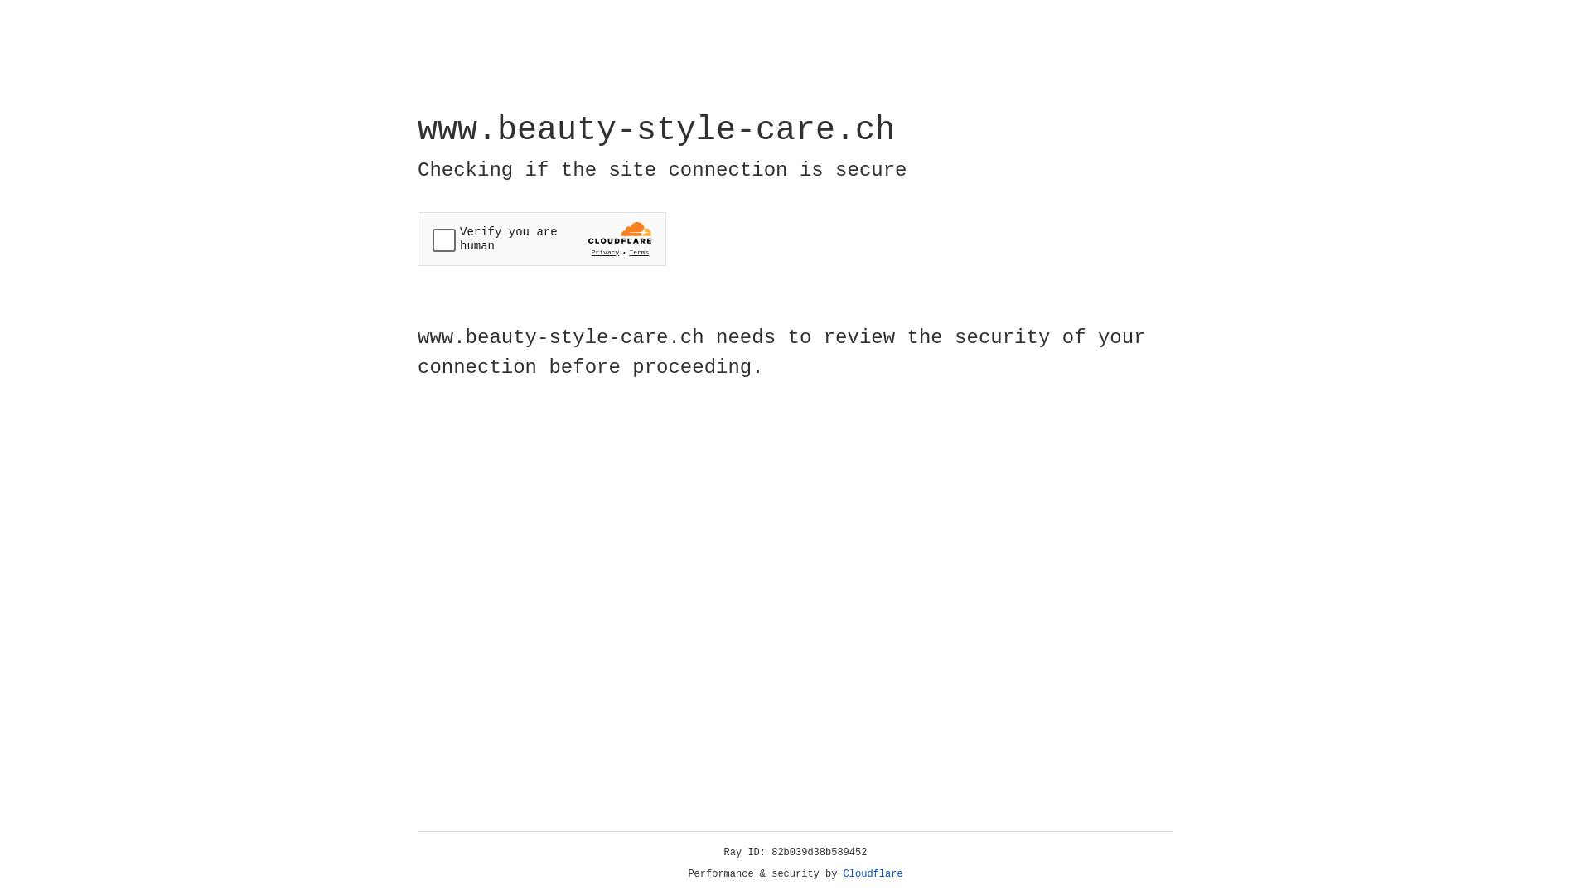  What do you see at coordinates (873, 873) in the screenshot?
I see `'Cloudflare'` at bounding box center [873, 873].